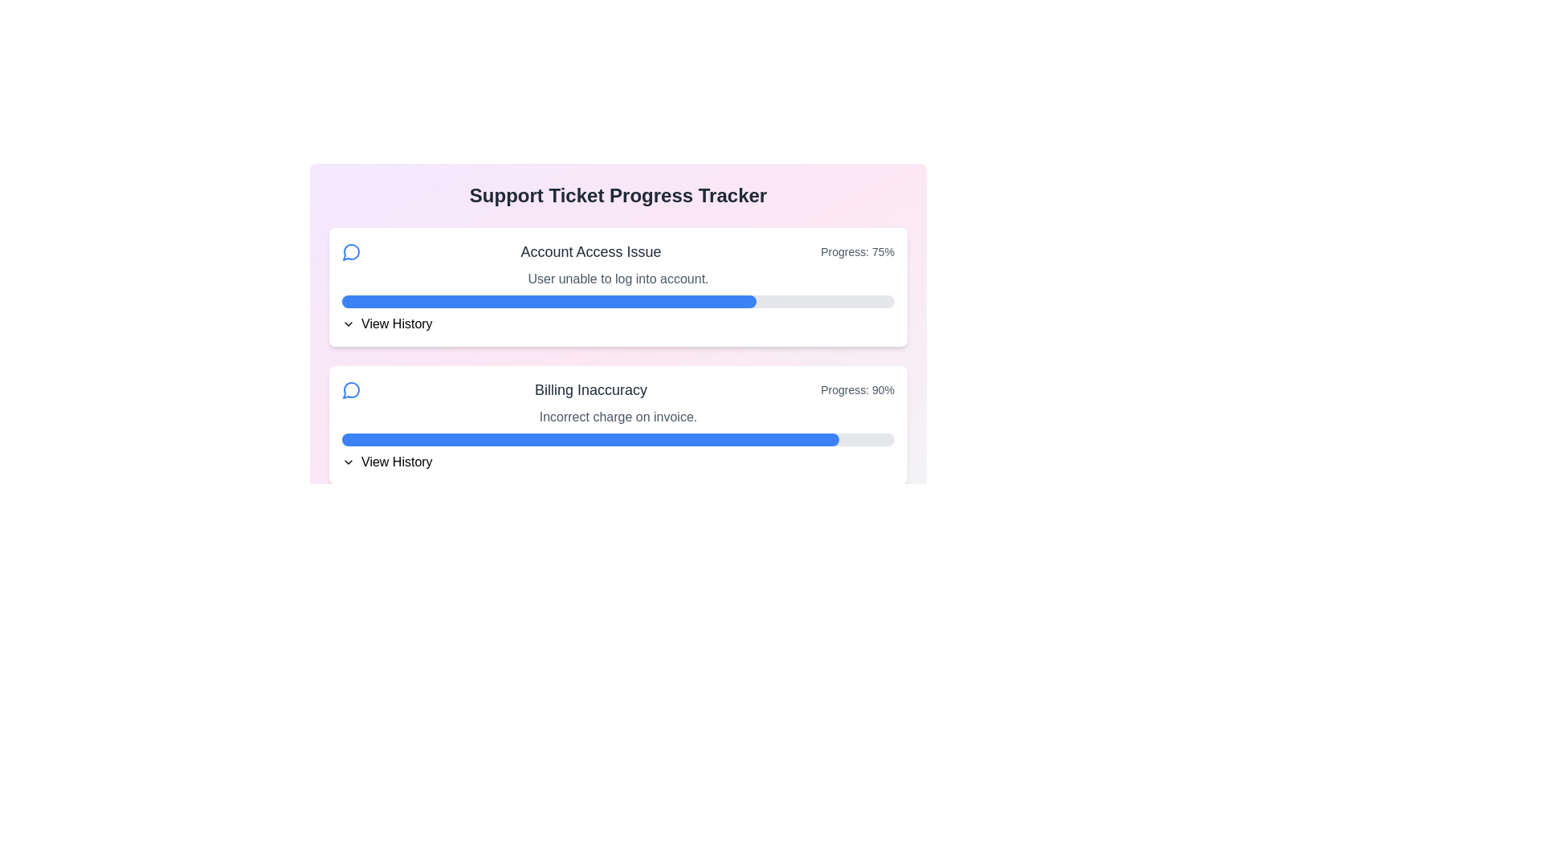 Image resolution: width=1542 pixels, height=867 pixels. Describe the element at coordinates (617, 462) in the screenshot. I see `the collapsible control section titled 'Billing Inaccuracy'` at that location.